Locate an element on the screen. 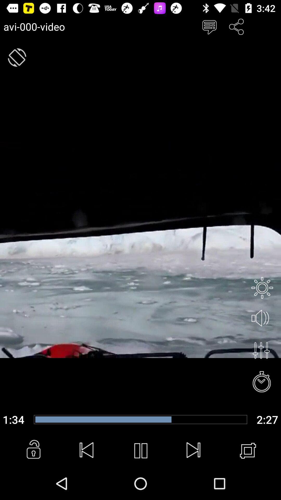 The image size is (281, 500). rotate the screen is located at coordinates (17, 57).